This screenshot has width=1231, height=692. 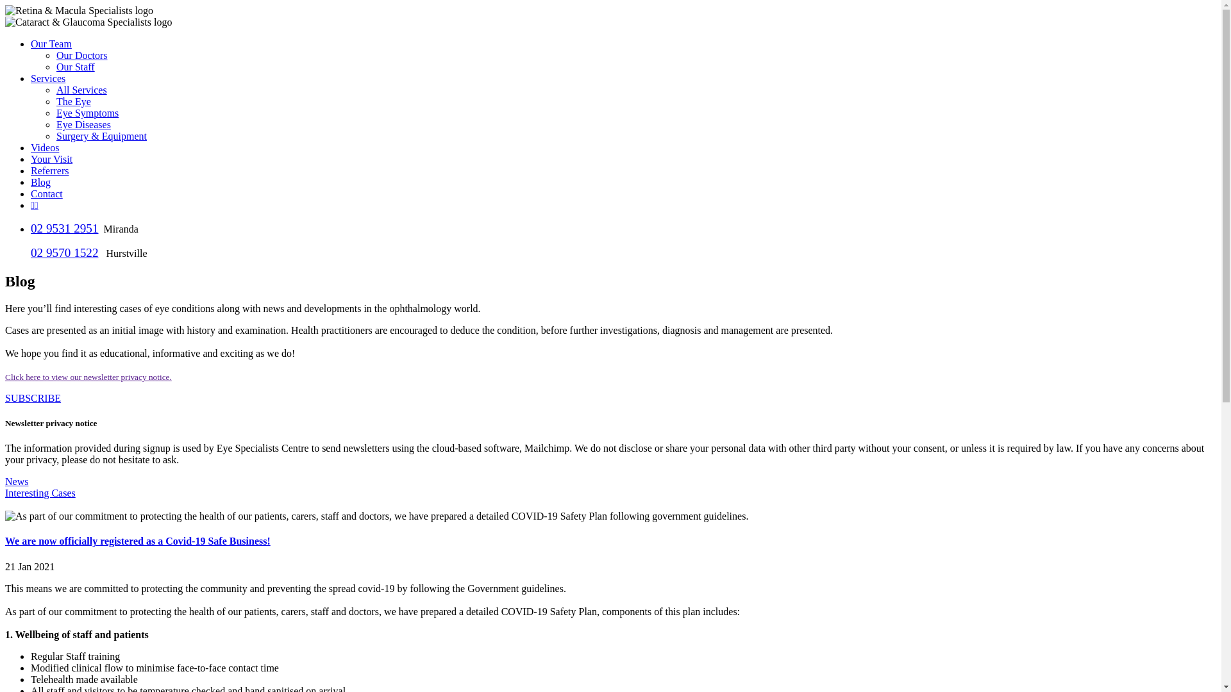 I want to click on 'Our Staff', so click(x=75, y=67).